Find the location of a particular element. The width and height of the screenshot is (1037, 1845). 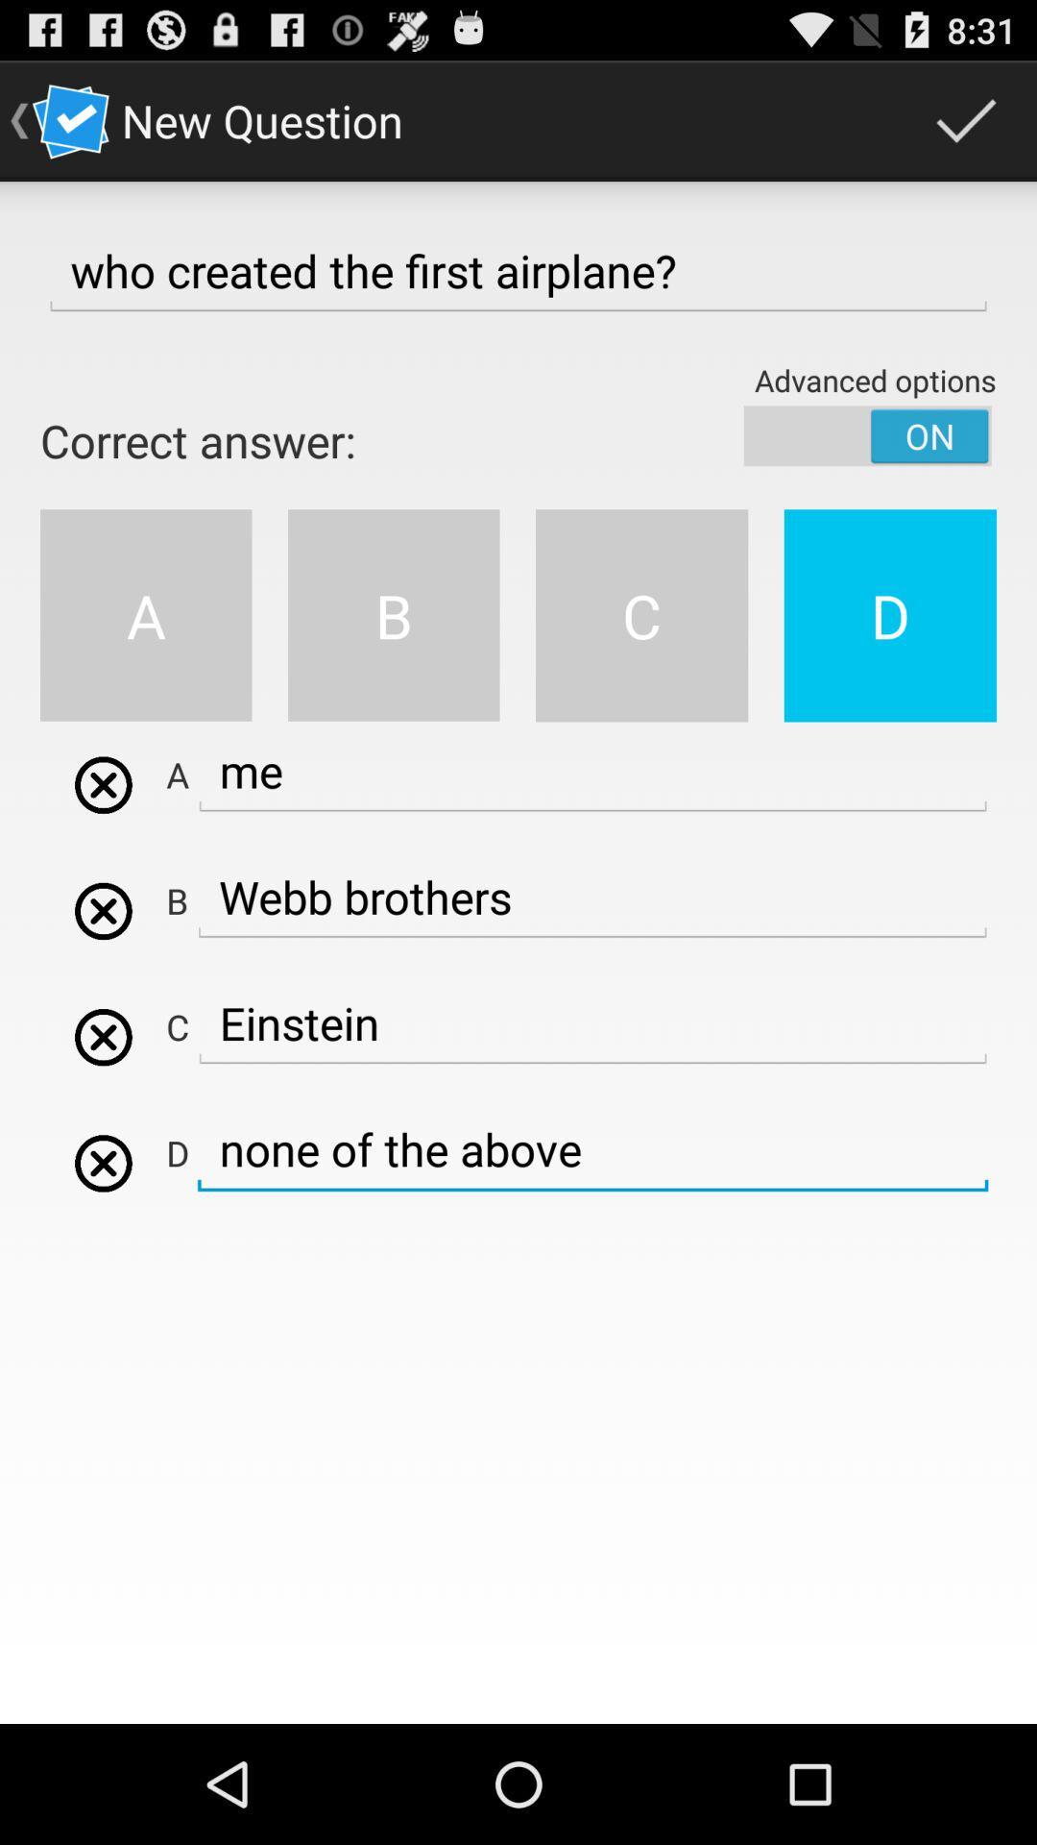

the close icon is located at coordinates (103, 1245).